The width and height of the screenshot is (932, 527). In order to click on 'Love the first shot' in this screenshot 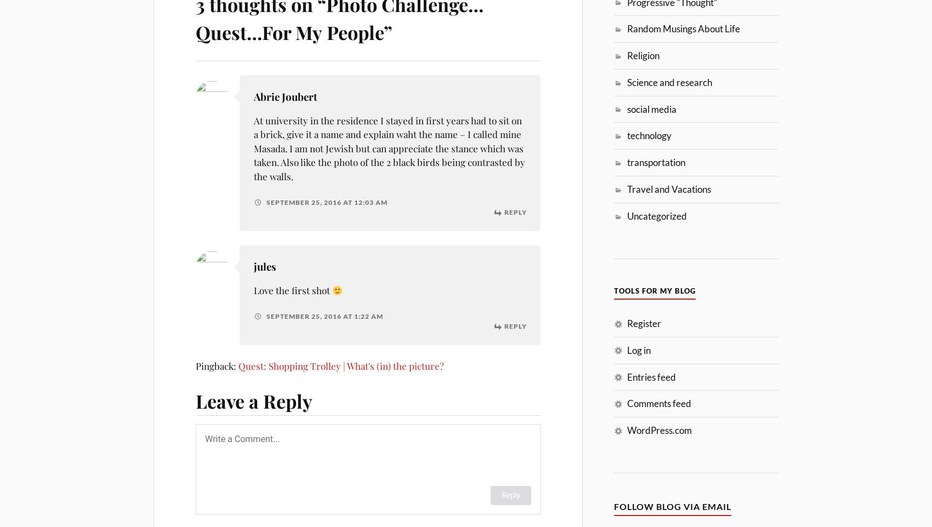, I will do `click(292, 289)`.